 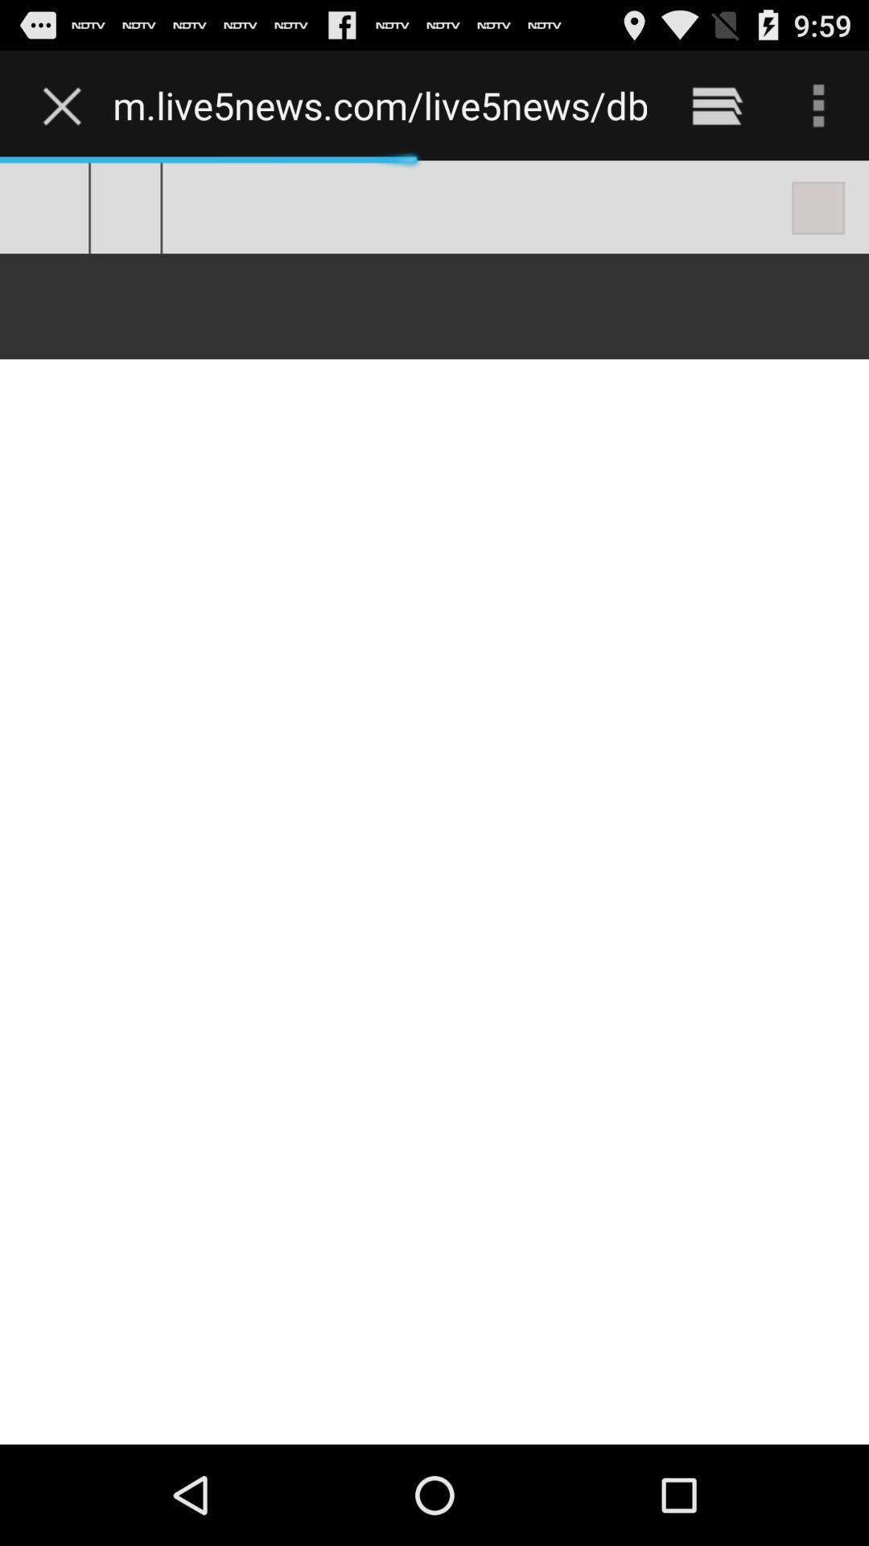 What do you see at coordinates (65, 105) in the screenshot?
I see `icon to the left of the m live5news com item` at bounding box center [65, 105].